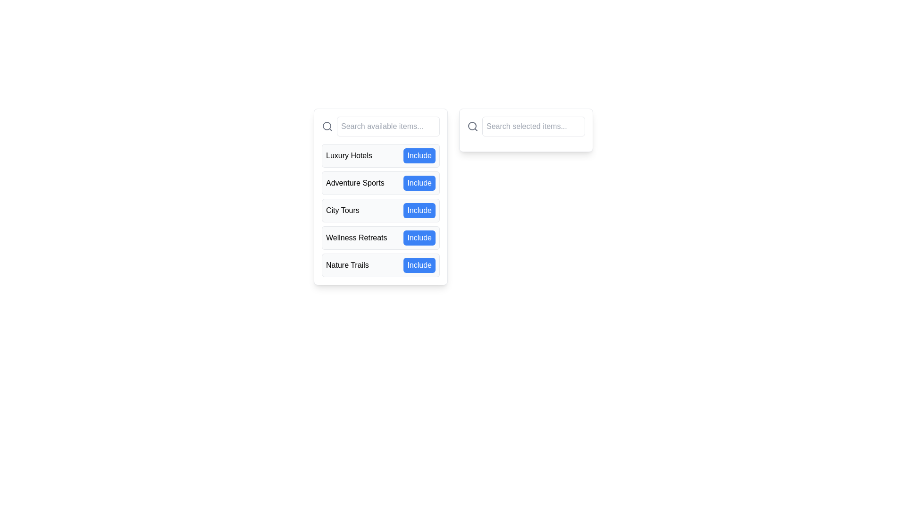  What do you see at coordinates (380, 265) in the screenshot?
I see `the 'Nature Trails' interactive panel located at the bottom of the list for accessibility navigation` at bounding box center [380, 265].